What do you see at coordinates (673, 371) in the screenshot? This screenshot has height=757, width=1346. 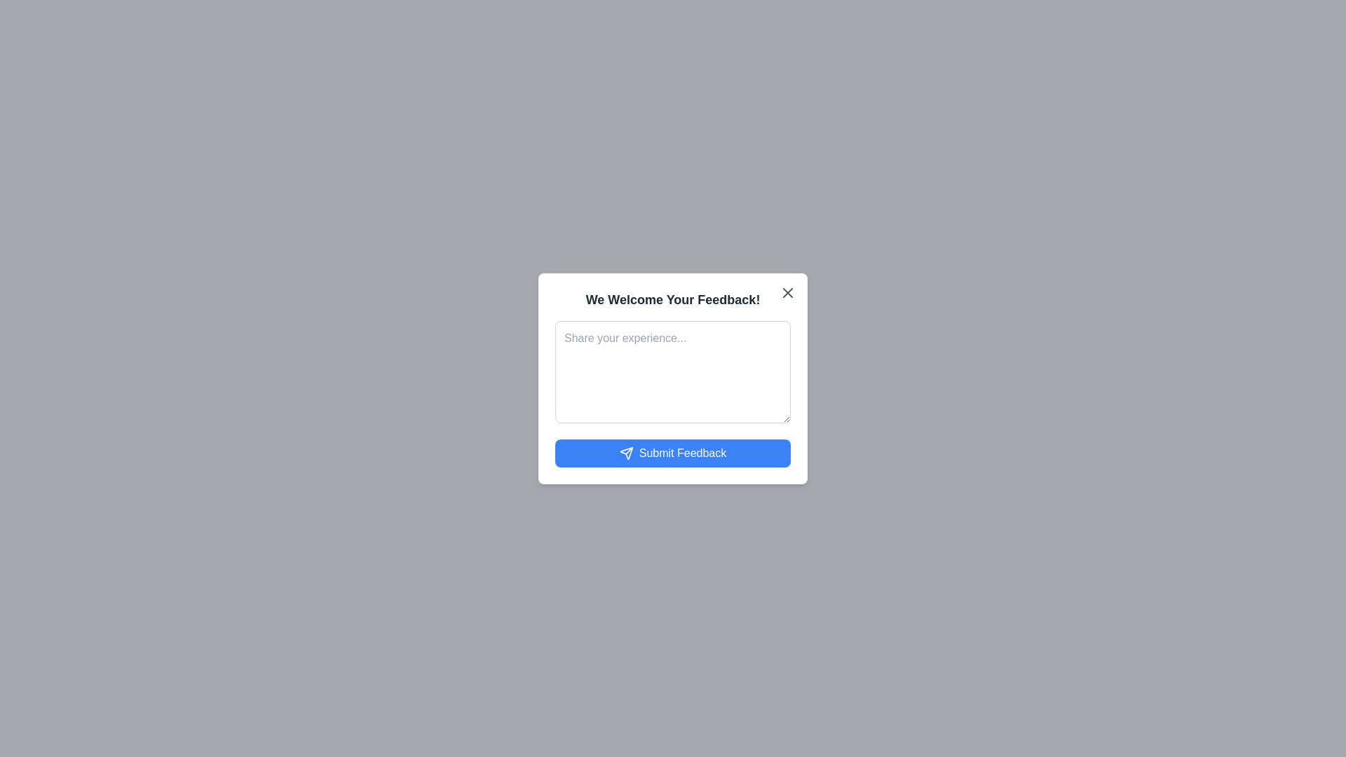 I see `the text area and type the feedback text 'This is my feedback.'` at bounding box center [673, 371].